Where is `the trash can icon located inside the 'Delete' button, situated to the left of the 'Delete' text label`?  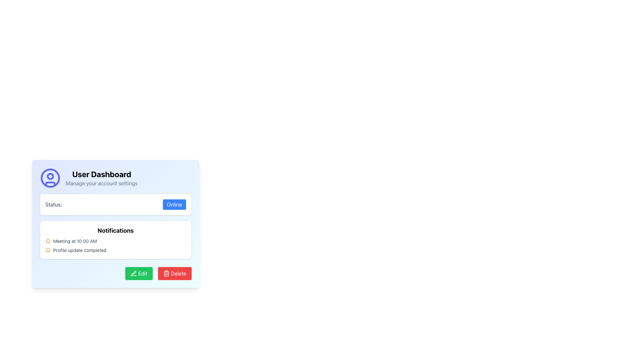 the trash can icon located inside the 'Delete' button, situated to the left of the 'Delete' text label is located at coordinates (166, 274).